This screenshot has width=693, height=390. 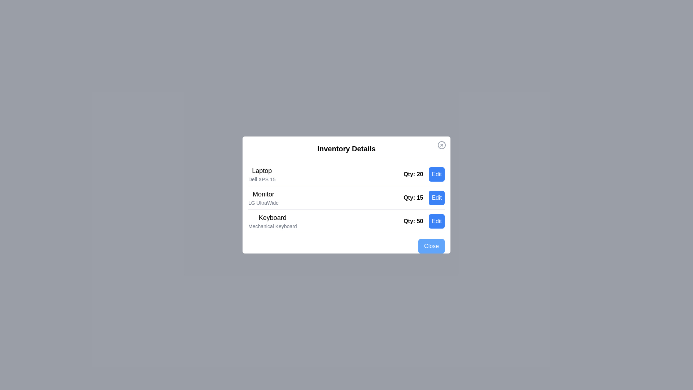 What do you see at coordinates (436, 221) in the screenshot?
I see `the 'Edit' button for the item 'Keyboard'` at bounding box center [436, 221].